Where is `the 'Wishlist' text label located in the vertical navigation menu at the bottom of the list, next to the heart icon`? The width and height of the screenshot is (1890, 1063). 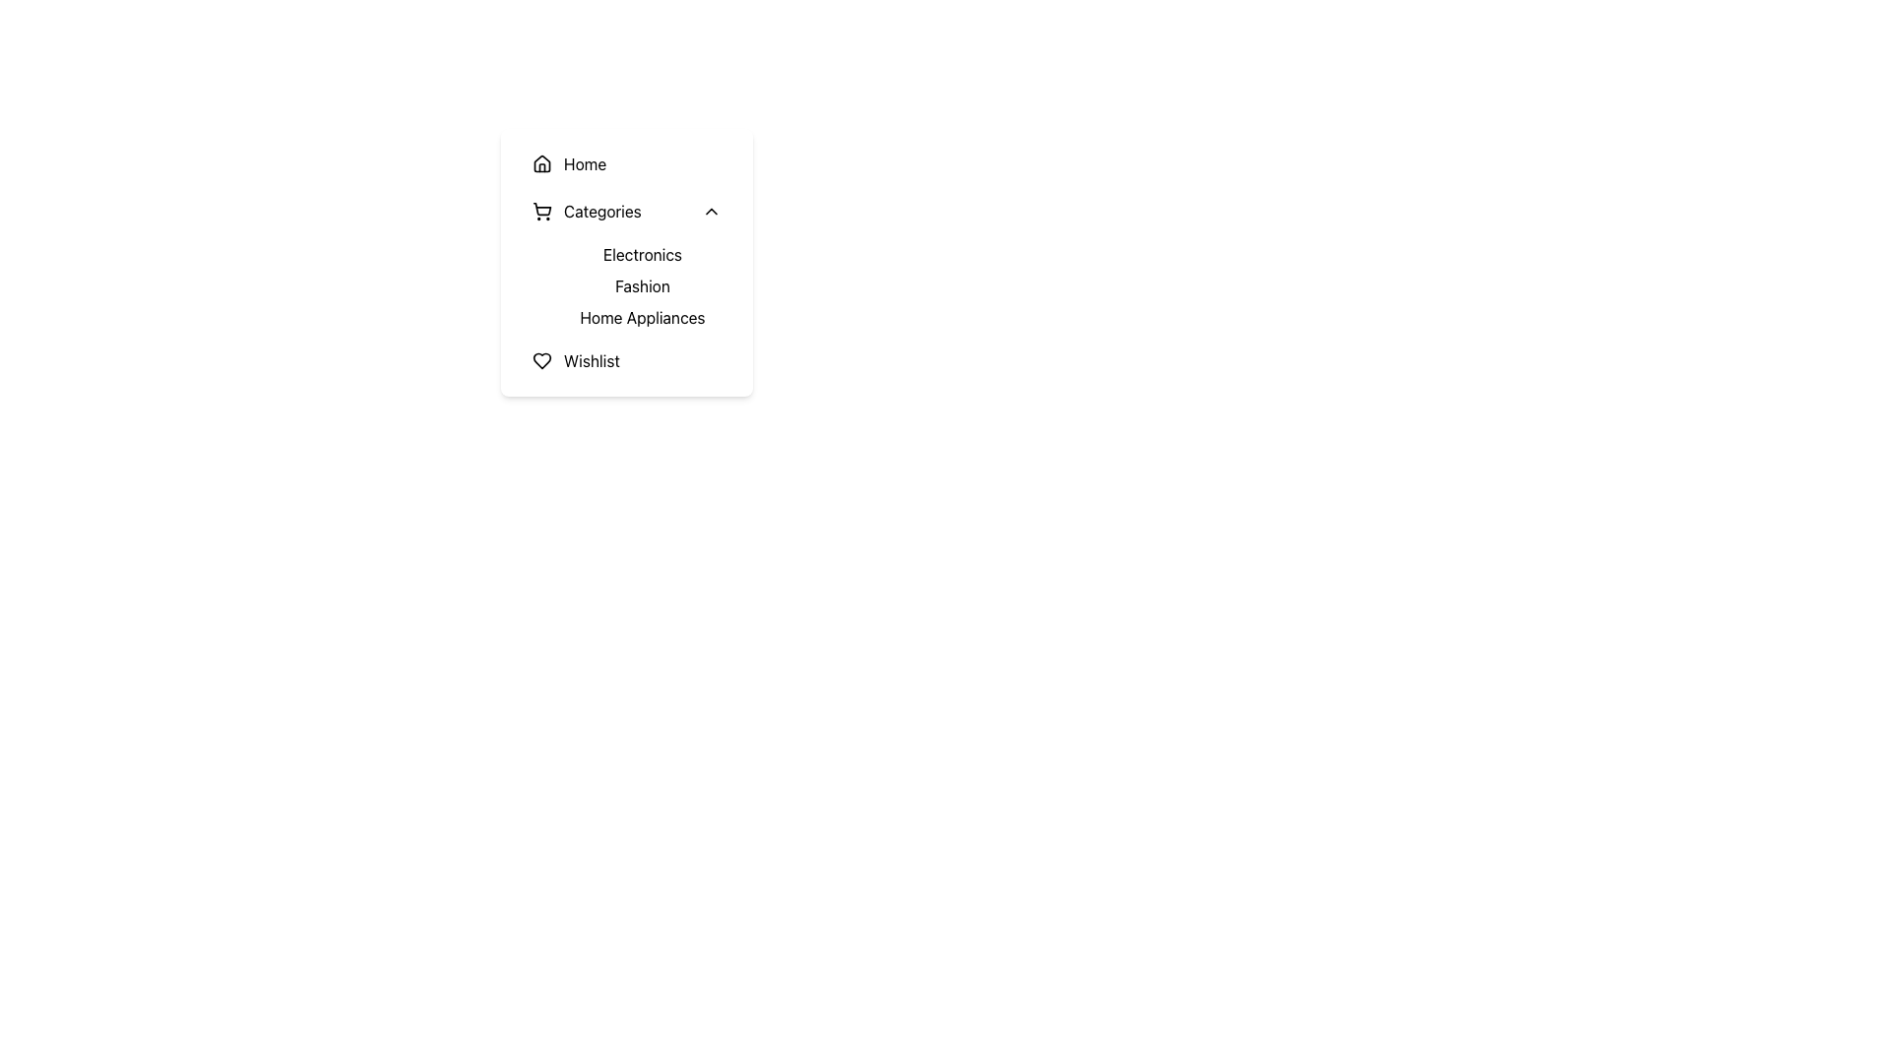 the 'Wishlist' text label located in the vertical navigation menu at the bottom of the list, next to the heart icon is located at coordinates (591, 360).